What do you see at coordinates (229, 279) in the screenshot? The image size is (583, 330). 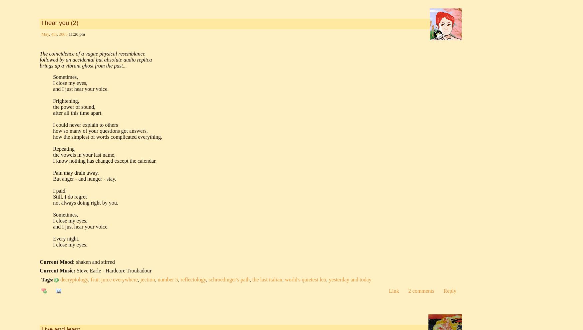 I see `'schroedinger's path'` at bounding box center [229, 279].